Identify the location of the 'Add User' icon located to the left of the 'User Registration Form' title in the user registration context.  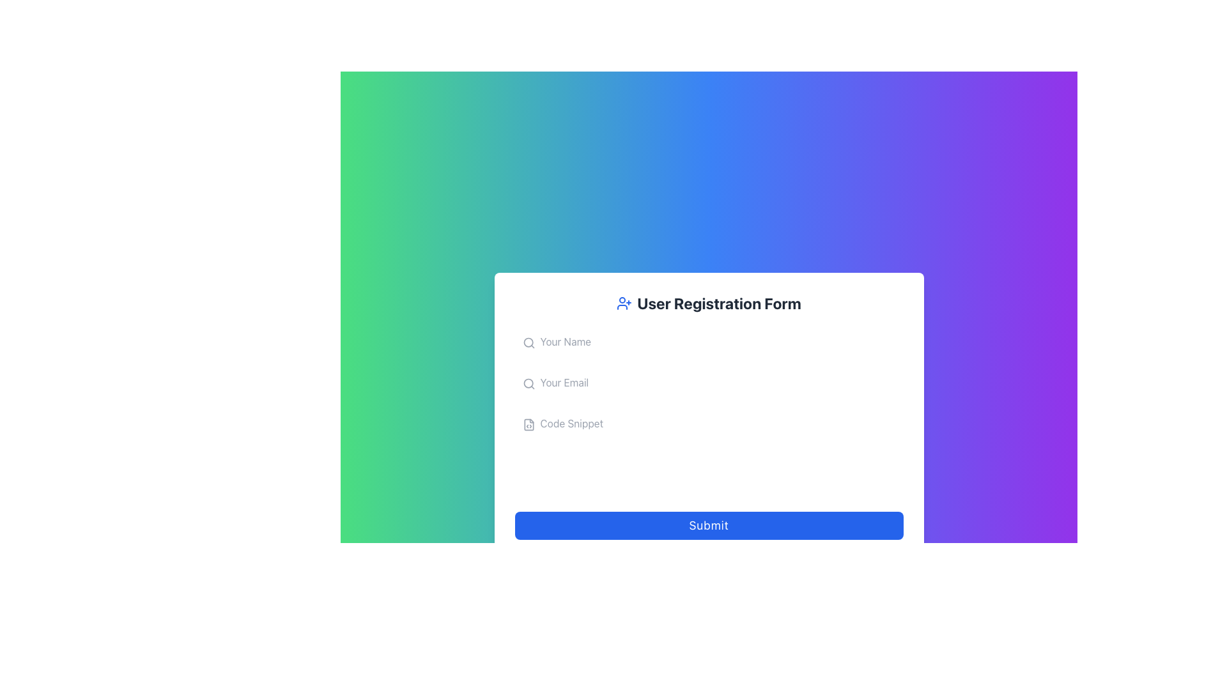
(624, 303).